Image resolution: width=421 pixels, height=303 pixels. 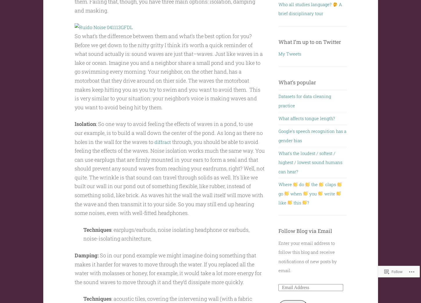 I want to click on 'What’s popular', so click(x=297, y=82).